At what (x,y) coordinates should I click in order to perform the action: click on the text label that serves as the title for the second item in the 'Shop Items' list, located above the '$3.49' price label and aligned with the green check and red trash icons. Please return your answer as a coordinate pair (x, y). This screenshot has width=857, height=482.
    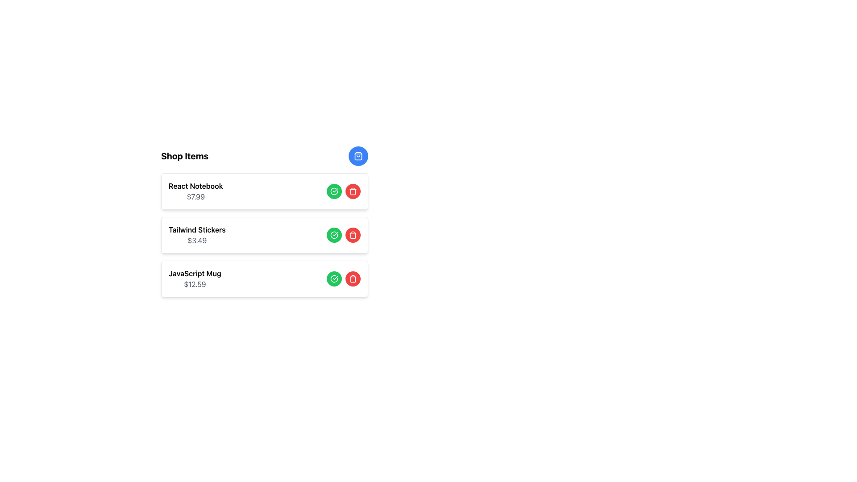
    Looking at the image, I should click on (196, 229).